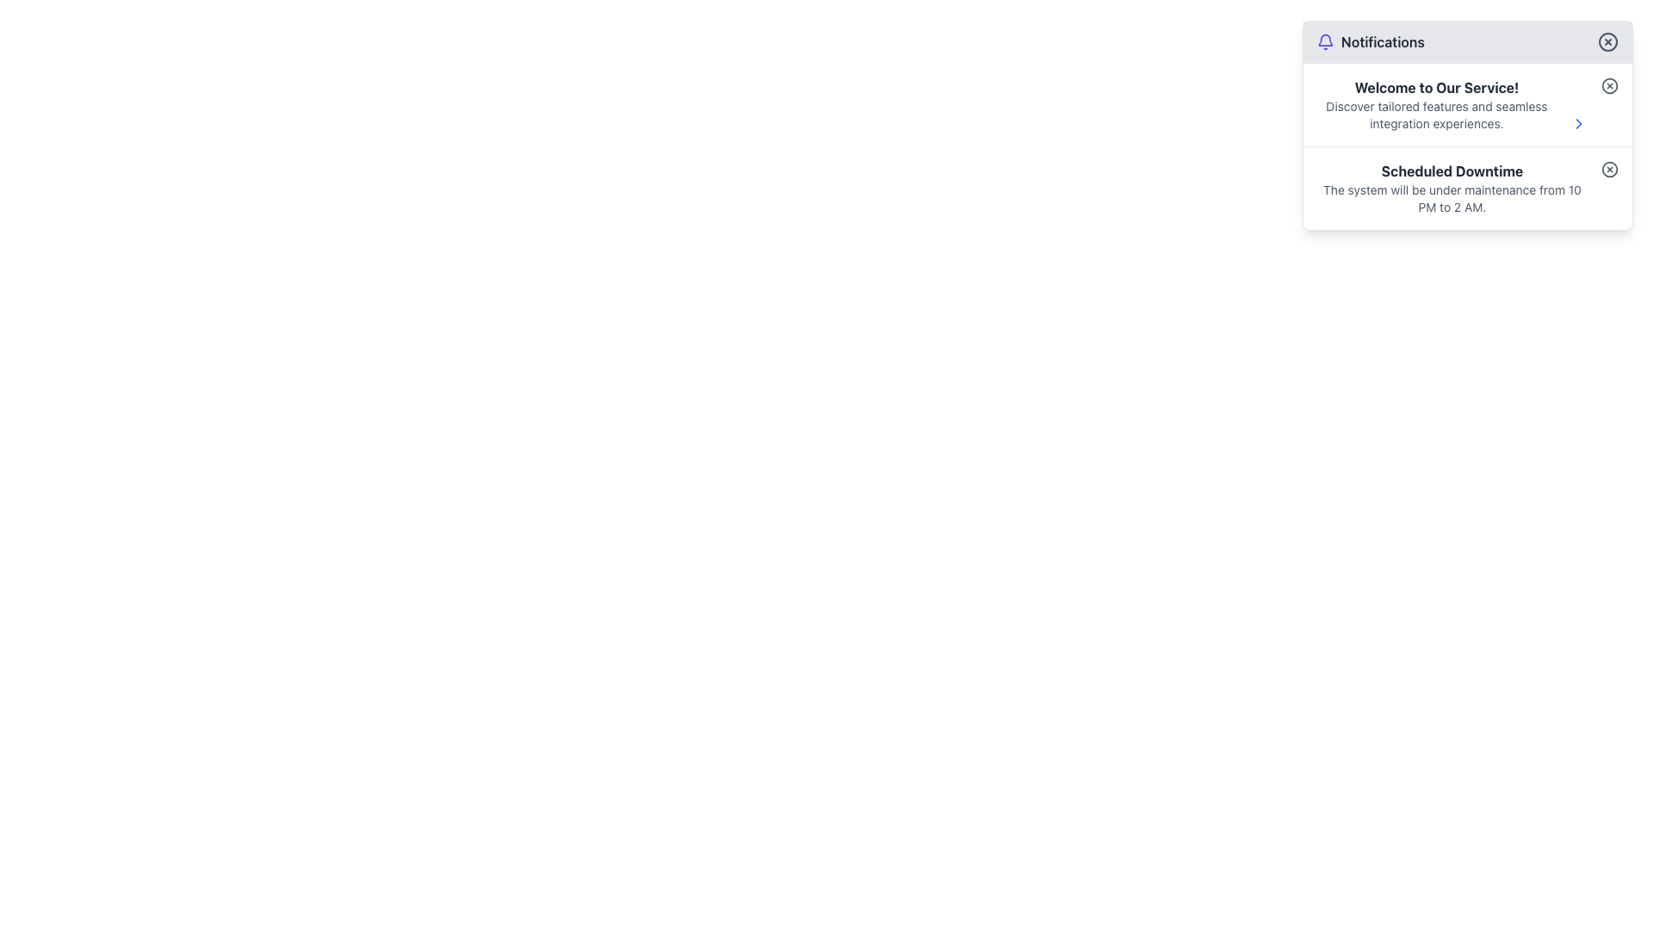 The image size is (1654, 930). Describe the element at coordinates (1437, 105) in the screenshot. I see `the introductory message textual display located in the upper section of the notification panel, which summarizes key features aimed at integration and ease of use` at that location.